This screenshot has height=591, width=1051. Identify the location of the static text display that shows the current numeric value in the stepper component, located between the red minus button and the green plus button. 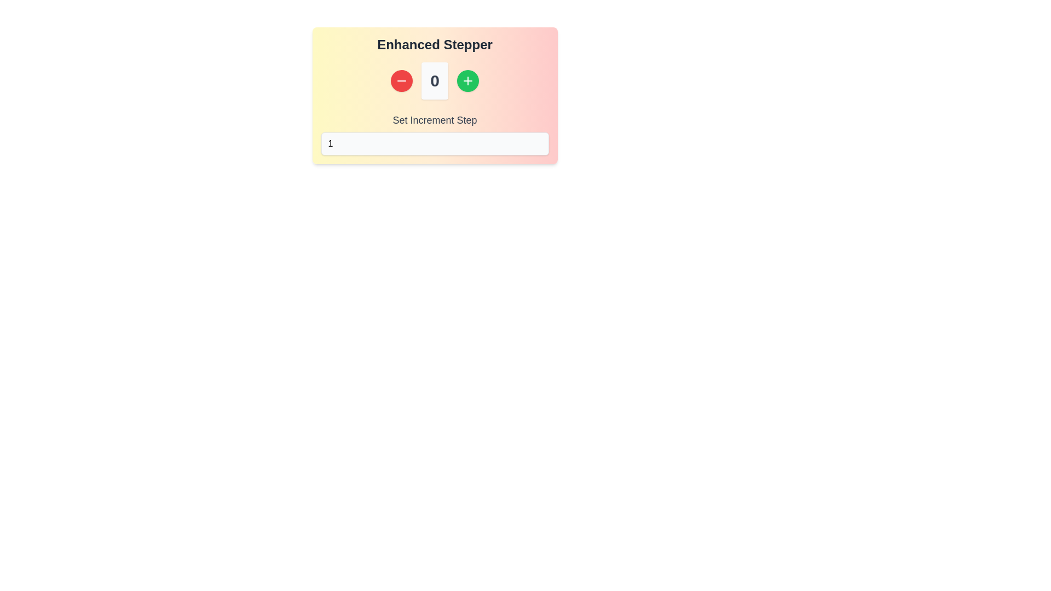
(434, 80).